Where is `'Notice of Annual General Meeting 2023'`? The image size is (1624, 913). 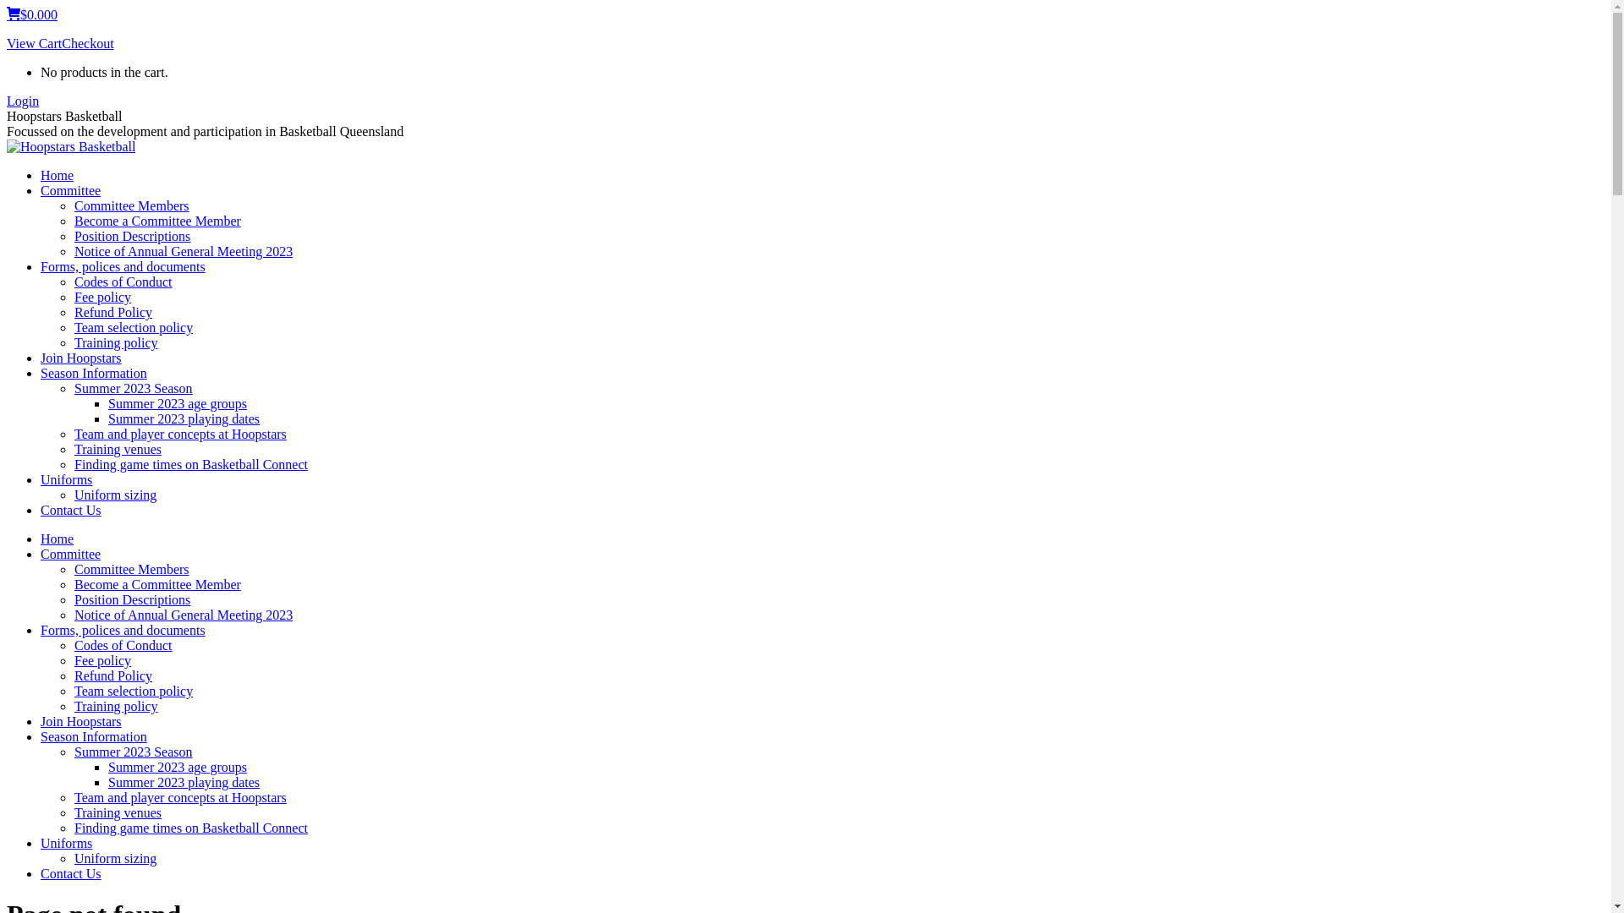 'Notice of Annual General Meeting 2023' is located at coordinates (183, 251).